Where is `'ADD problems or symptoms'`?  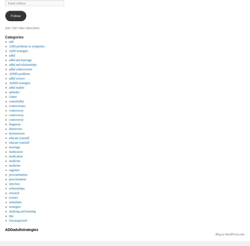 'ADD problems or symptoms' is located at coordinates (27, 46).